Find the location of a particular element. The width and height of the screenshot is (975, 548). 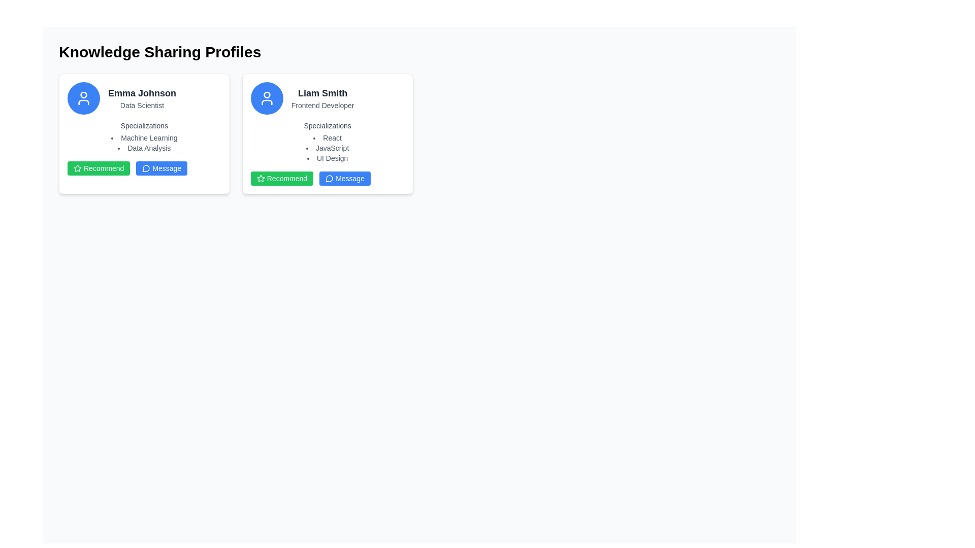

the user profile icon, which is a circular outline containing a stylized silhouette of a person, located at the top of the left profile card is located at coordinates (83, 98).